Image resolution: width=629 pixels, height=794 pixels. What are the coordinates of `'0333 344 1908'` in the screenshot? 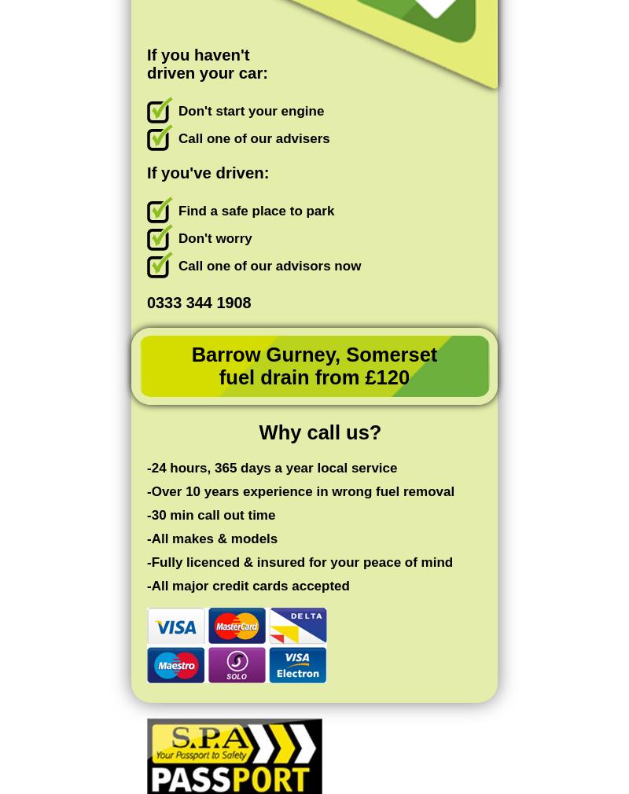 It's located at (198, 302).